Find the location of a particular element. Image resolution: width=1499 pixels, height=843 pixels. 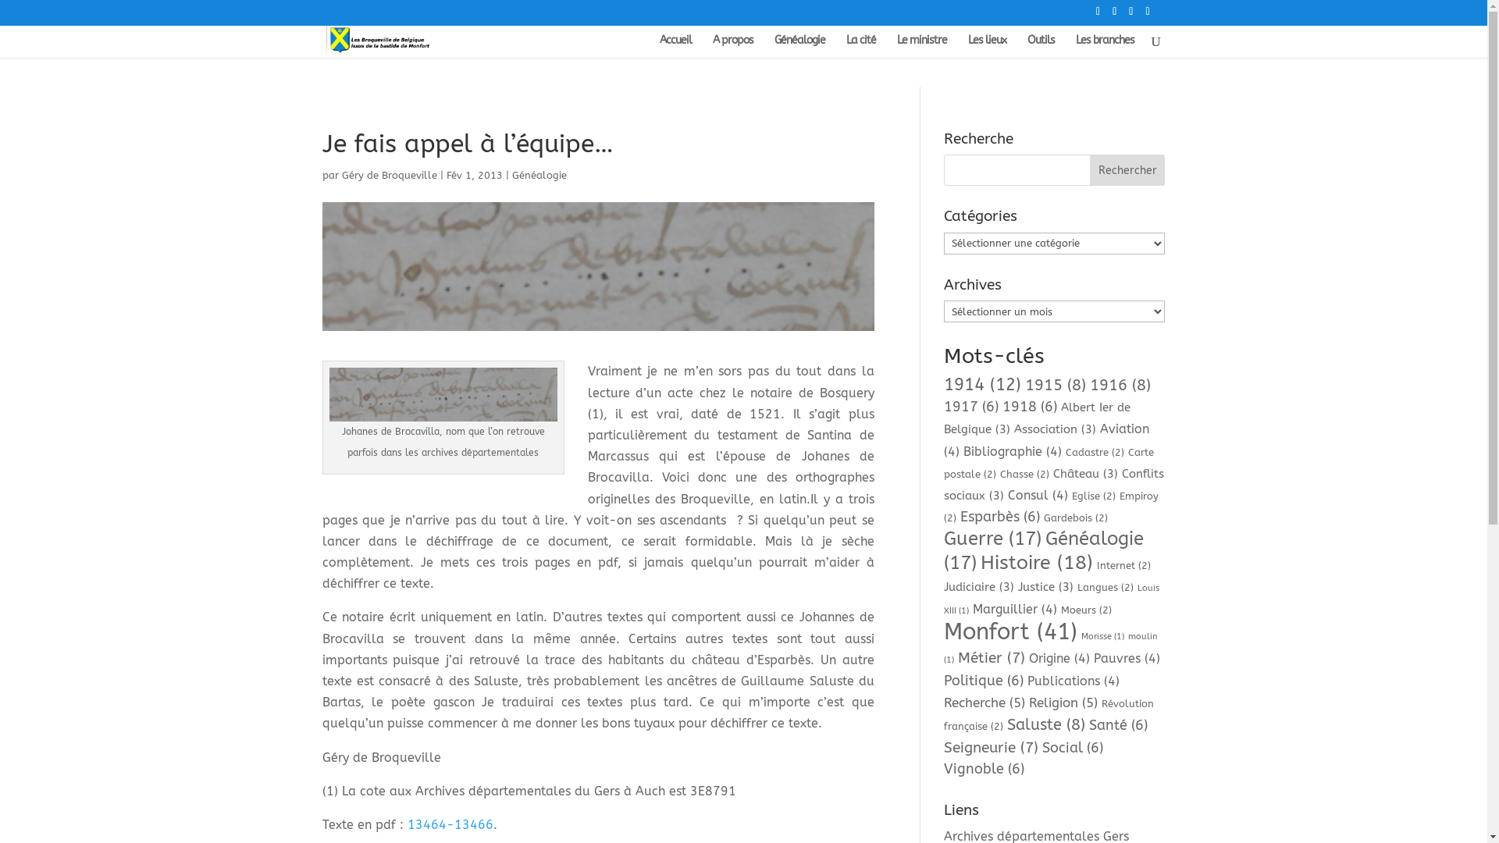

'Politique (6)' is located at coordinates (982, 679).